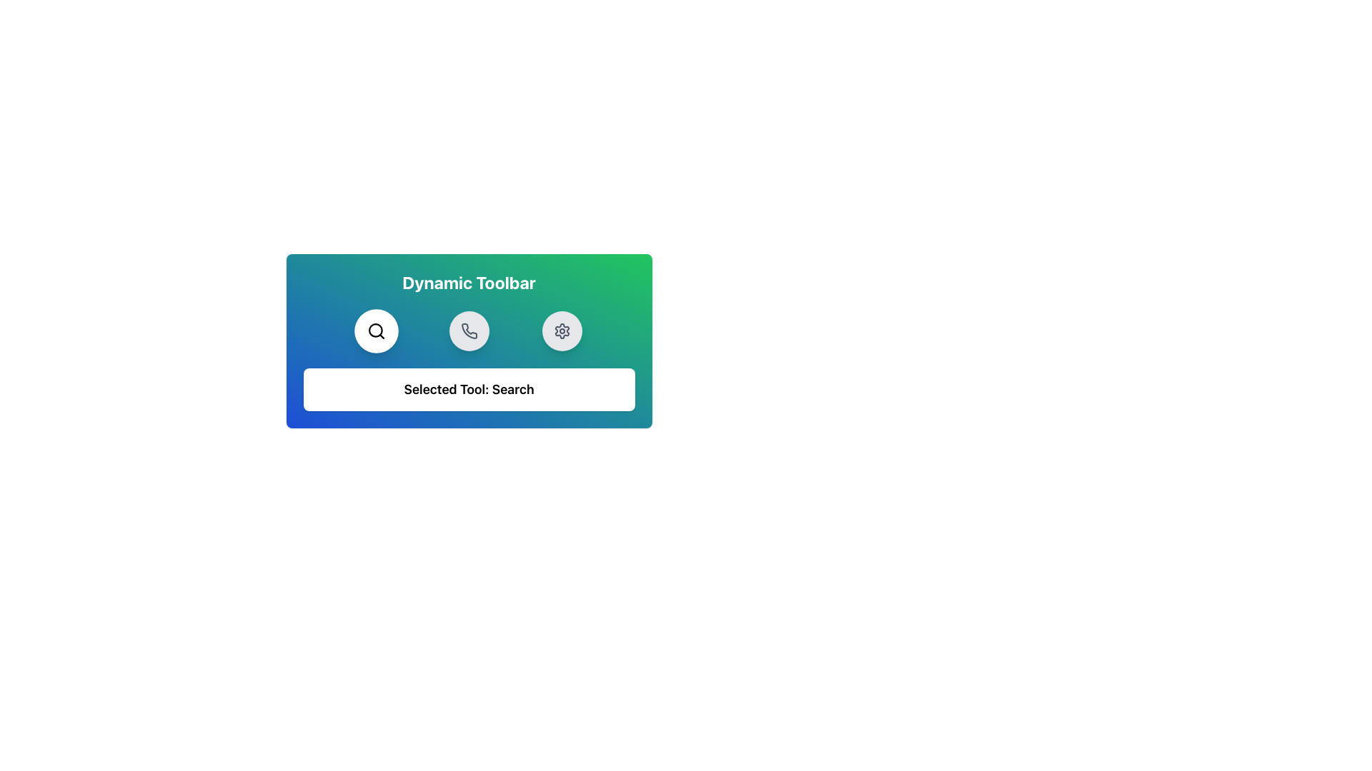 The image size is (1372, 771). I want to click on the informational label displaying the currently selected tool 'Search' located at the bottom center of the Dynamic Toolbar, so click(469, 390).